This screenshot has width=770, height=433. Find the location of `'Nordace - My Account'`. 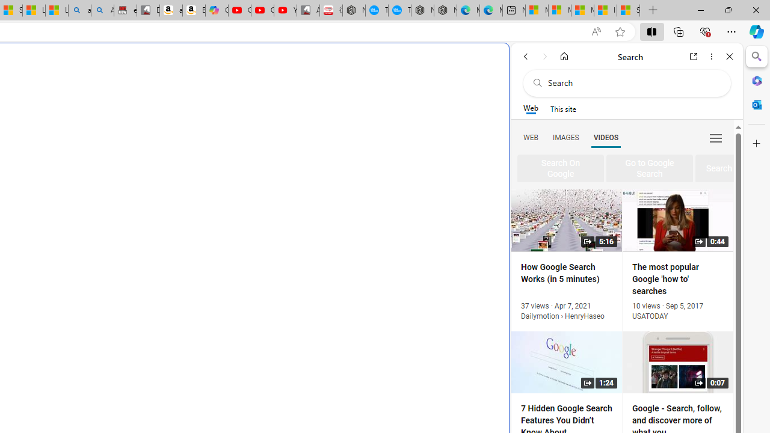

'Nordace - My Account' is located at coordinates (353, 10).